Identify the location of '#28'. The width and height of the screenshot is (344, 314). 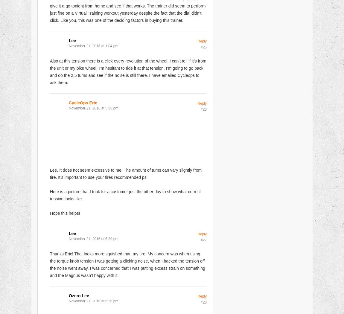
(203, 302).